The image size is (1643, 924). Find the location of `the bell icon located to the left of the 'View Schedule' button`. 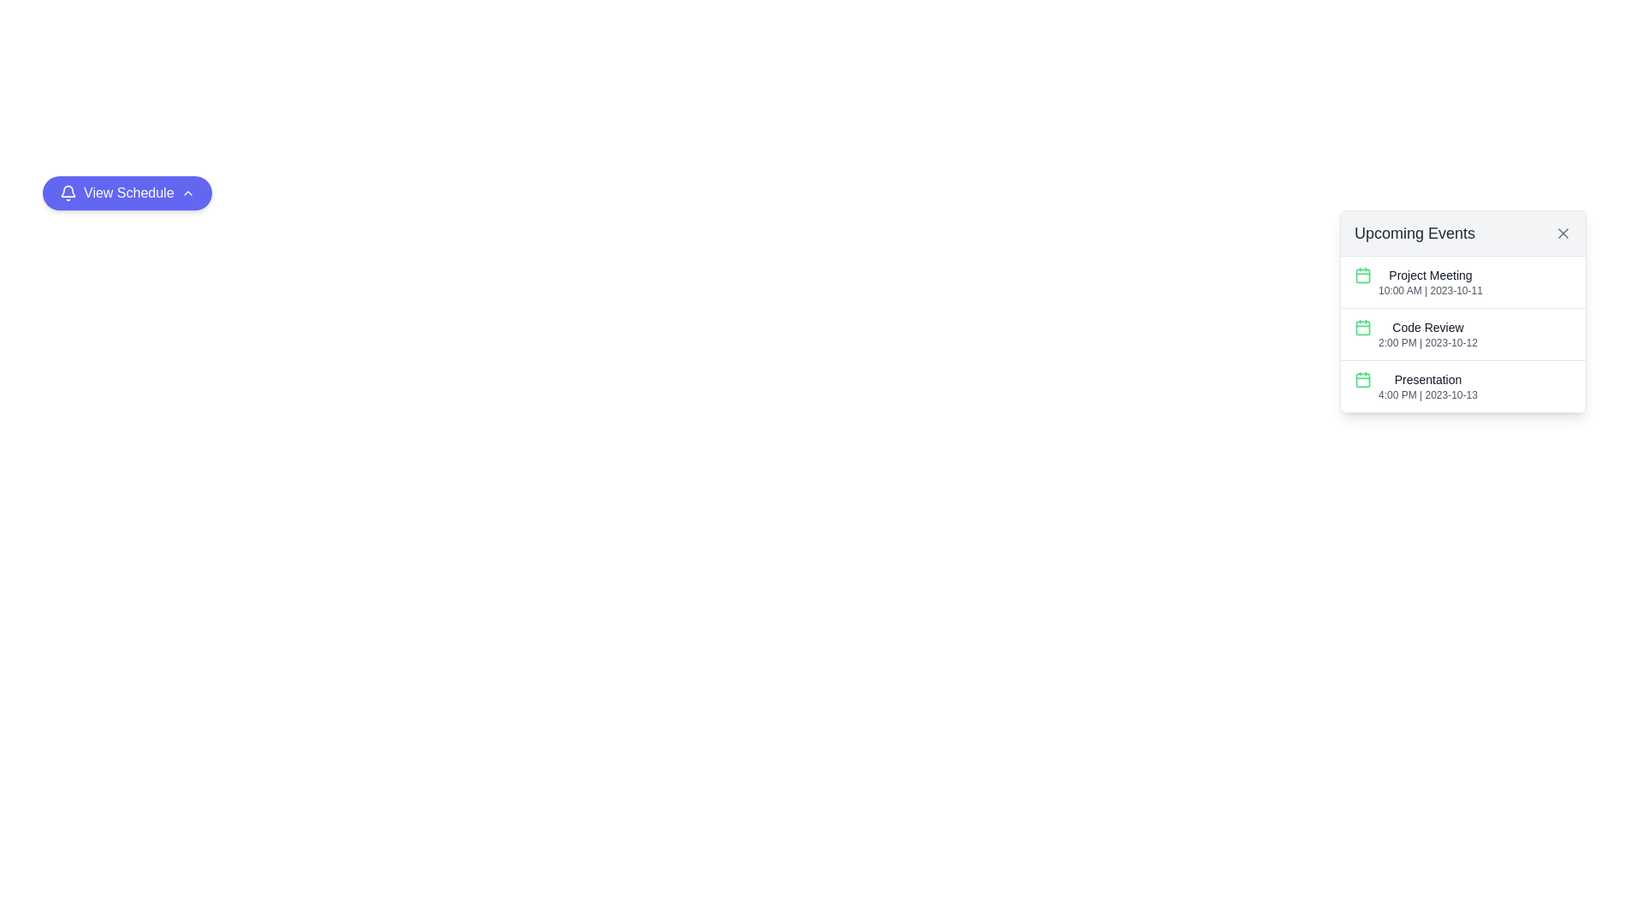

the bell icon located to the left of the 'View Schedule' button is located at coordinates (68, 191).